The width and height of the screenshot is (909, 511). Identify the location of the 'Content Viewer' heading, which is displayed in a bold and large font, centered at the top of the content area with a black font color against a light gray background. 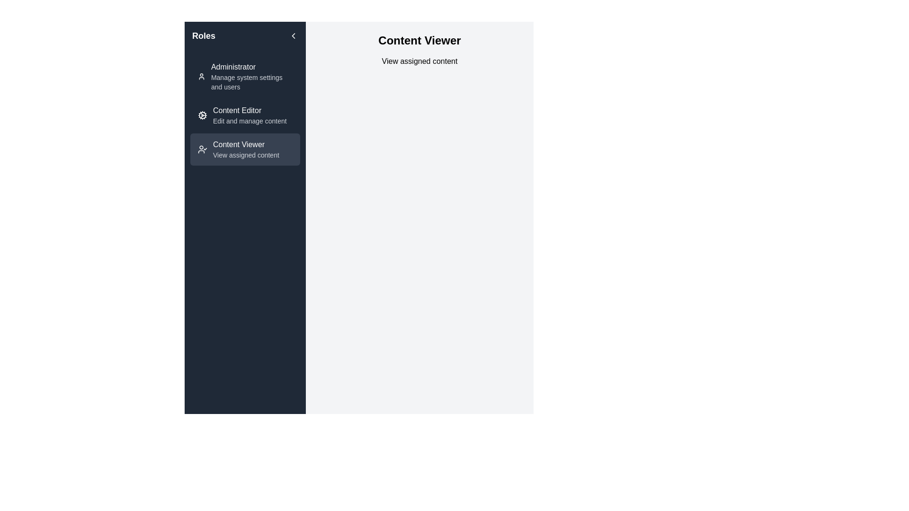
(419, 40).